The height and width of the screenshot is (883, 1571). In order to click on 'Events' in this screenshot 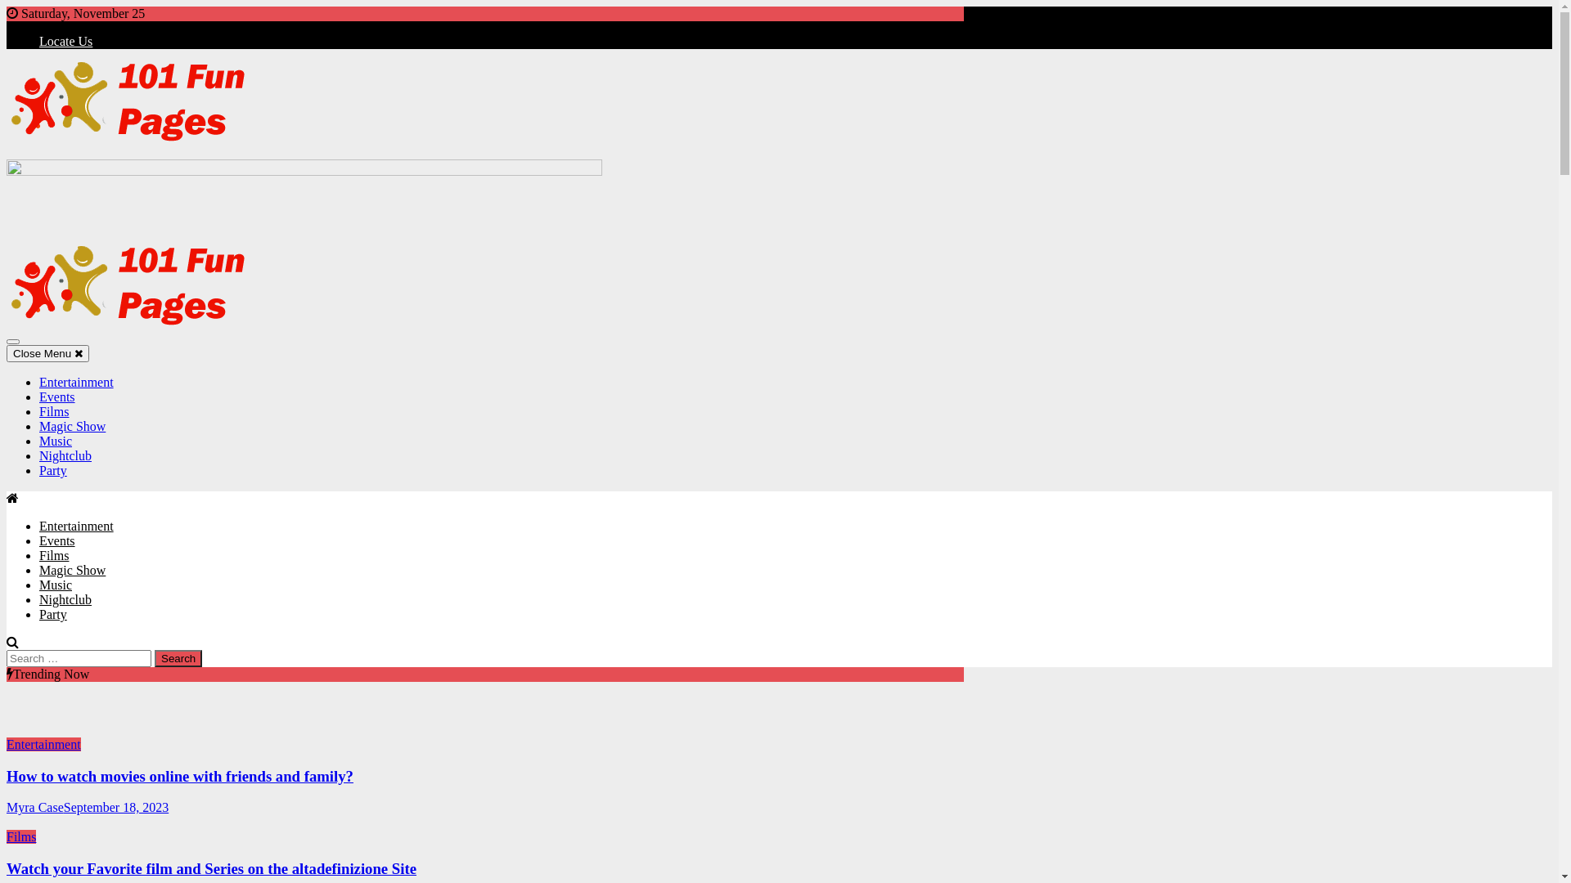, I will do `click(57, 397)`.